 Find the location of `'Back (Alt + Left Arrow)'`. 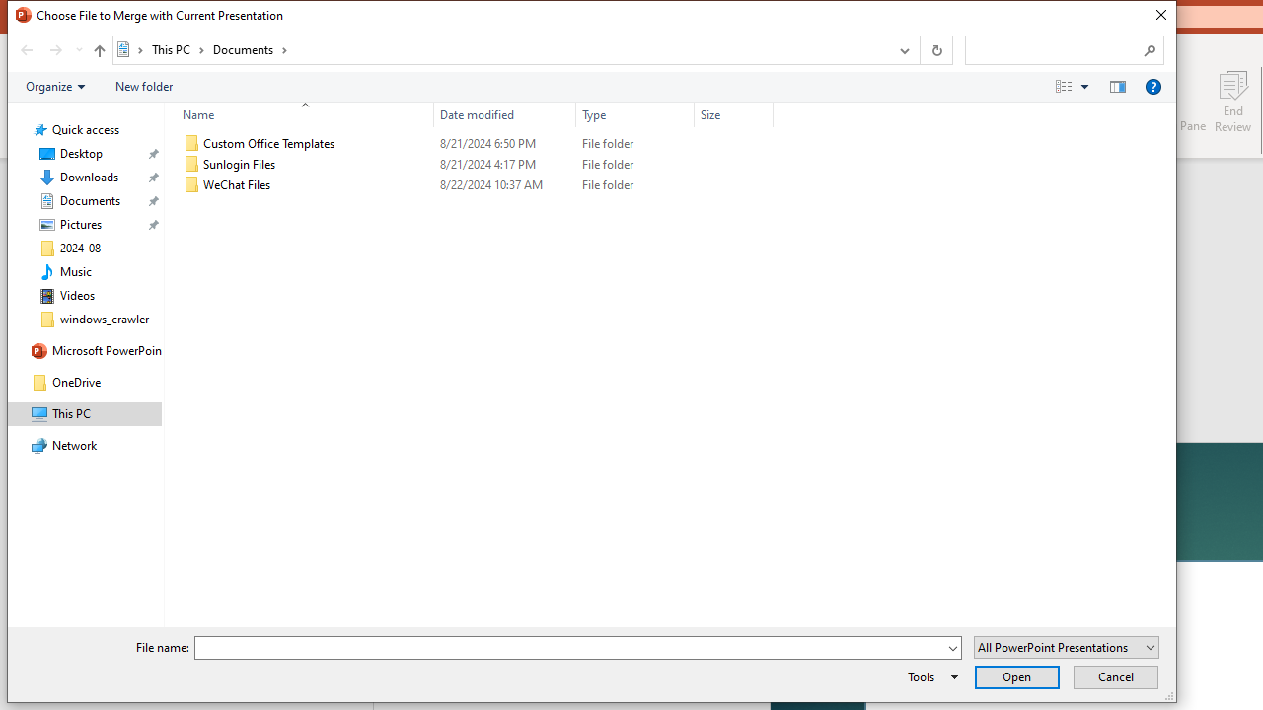

'Back (Alt + Left Arrow)' is located at coordinates (26, 49).